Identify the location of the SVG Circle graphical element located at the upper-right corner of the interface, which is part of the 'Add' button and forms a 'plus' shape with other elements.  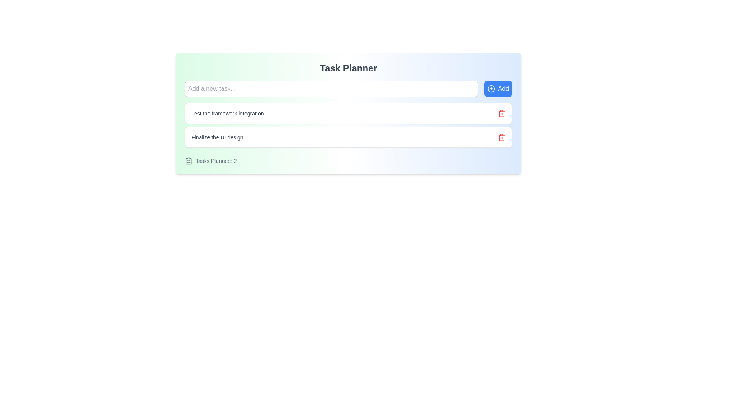
(491, 88).